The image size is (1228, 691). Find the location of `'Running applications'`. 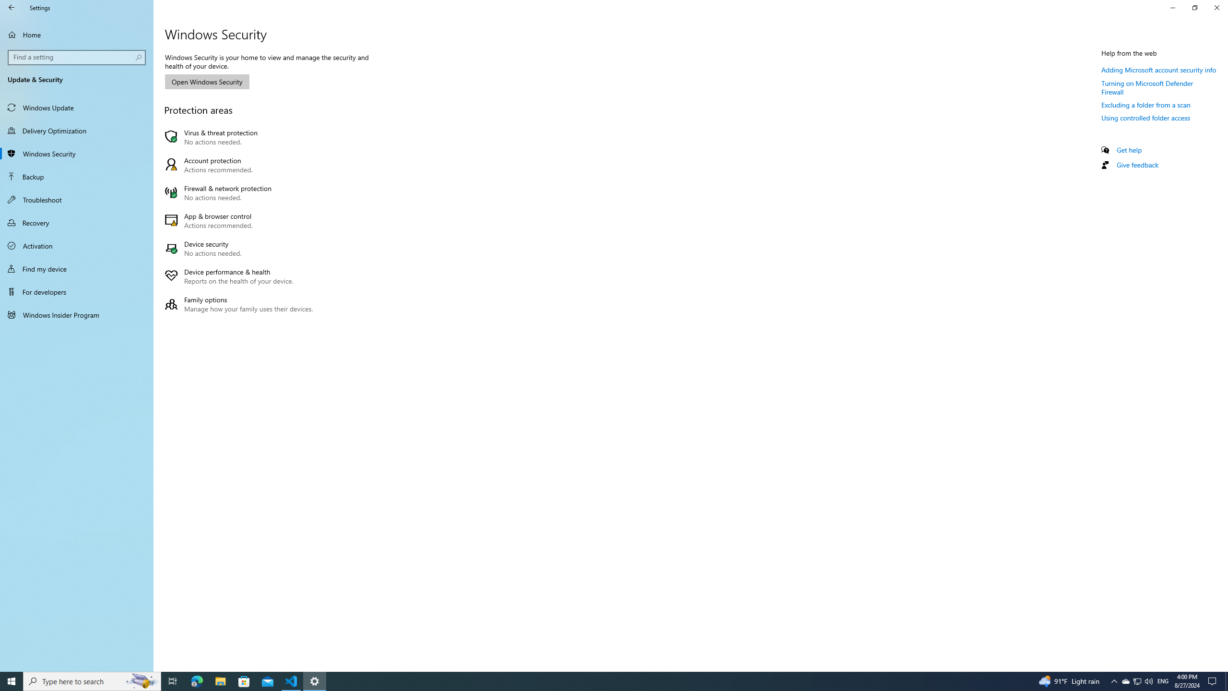

'Running applications' is located at coordinates (596, 680).